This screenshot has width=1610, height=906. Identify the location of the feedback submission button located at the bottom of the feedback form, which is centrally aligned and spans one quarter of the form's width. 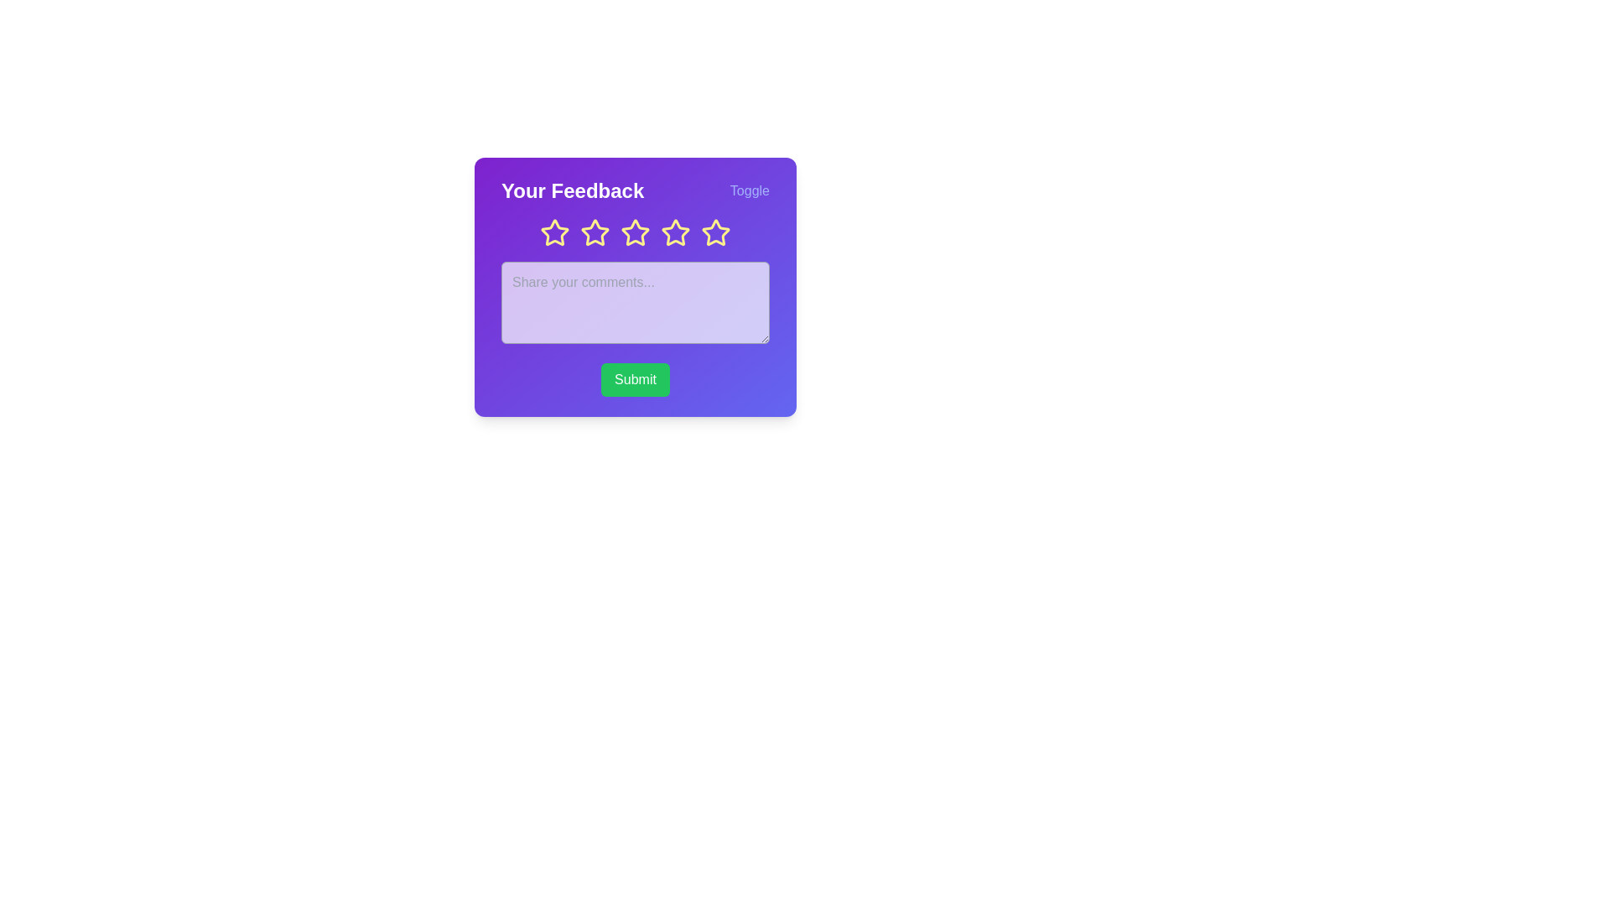
(635, 379).